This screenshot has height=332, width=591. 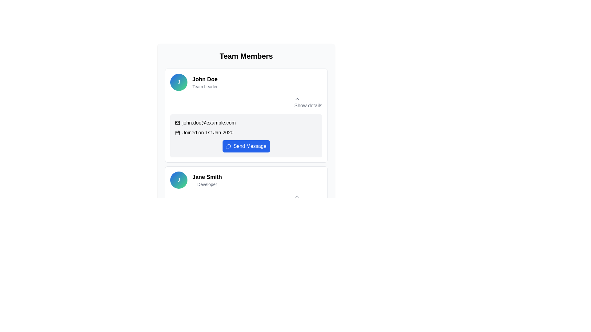 What do you see at coordinates (207, 180) in the screenshot?
I see `the text label that provides information about a person's name and role within the second team member card under 'Team Members', located to the right of the circular avatar labeled as 'J'` at bounding box center [207, 180].